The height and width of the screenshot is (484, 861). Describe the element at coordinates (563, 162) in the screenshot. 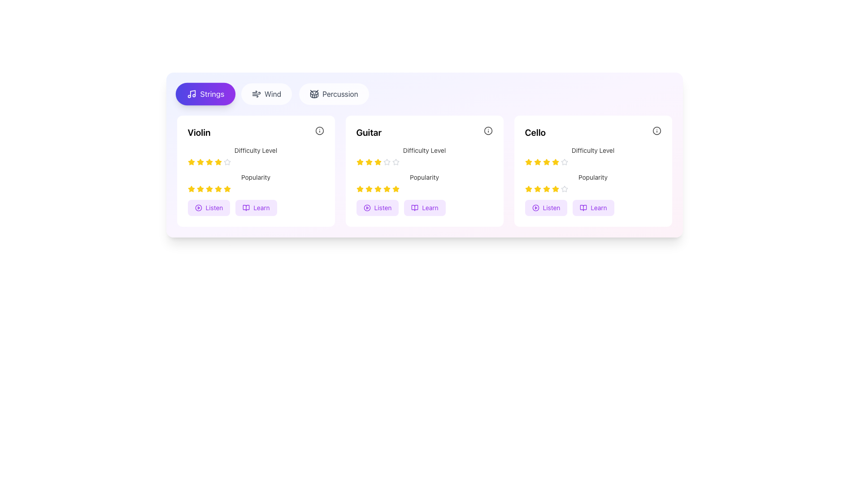

I see `the fifth star in the rating system for the 'Cello' card` at that location.